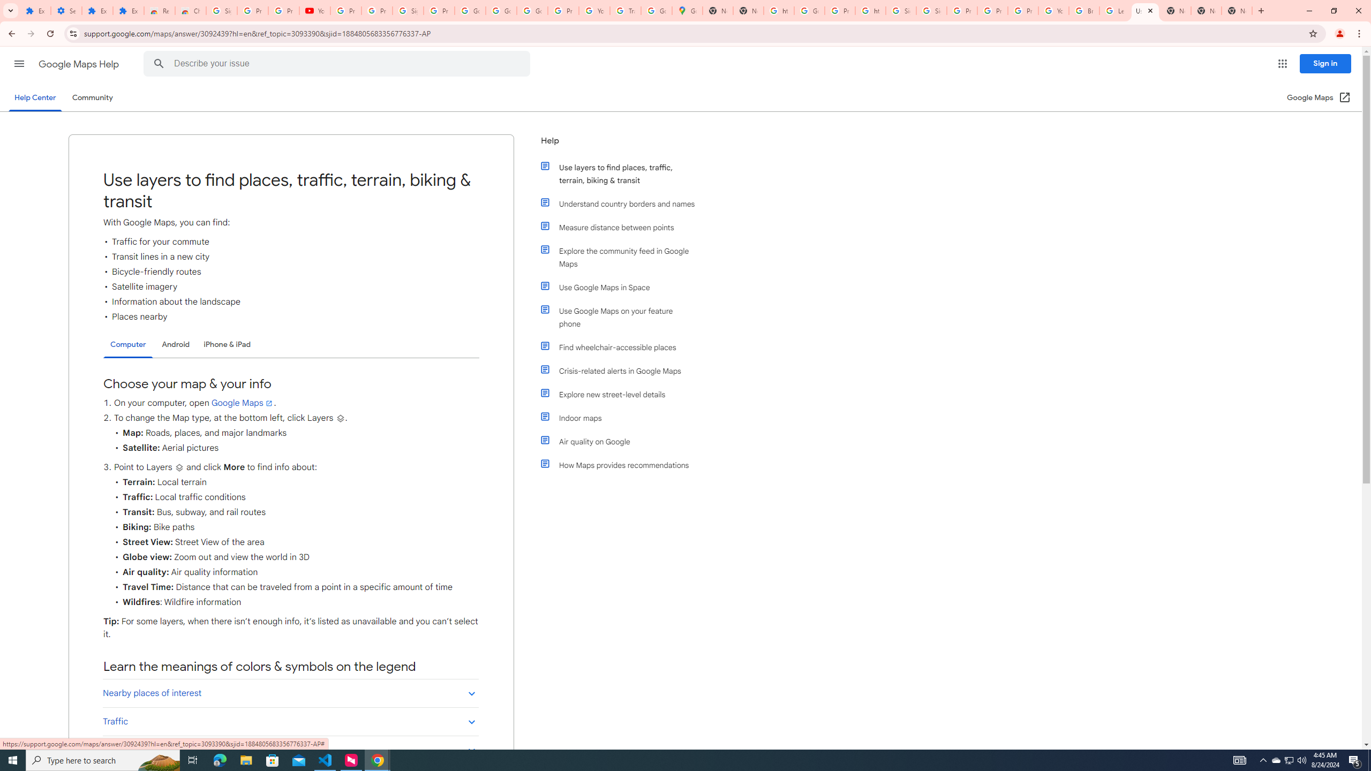 The height and width of the screenshot is (771, 1371). Describe the element at coordinates (338, 63) in the screenshot. I see `'Describe your issue'` at that location.